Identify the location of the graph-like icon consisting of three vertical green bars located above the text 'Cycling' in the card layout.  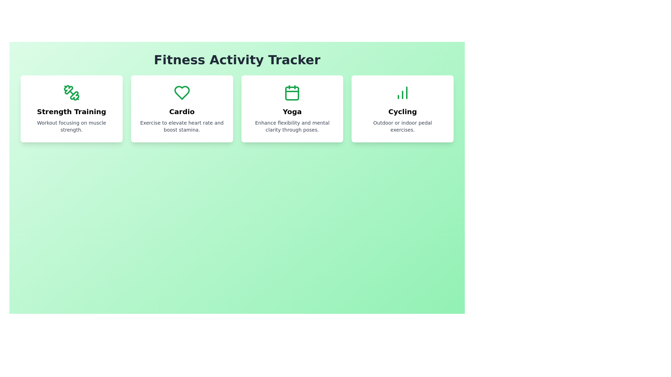
(403, 93).